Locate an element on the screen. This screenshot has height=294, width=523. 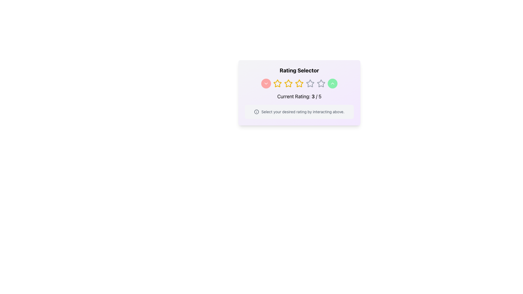
the instructional Text Block with Icon located below the star rating and 'Current Rating: 3 / 5' text in the 'Rating Selector' card is located at coordinates (299, 112).